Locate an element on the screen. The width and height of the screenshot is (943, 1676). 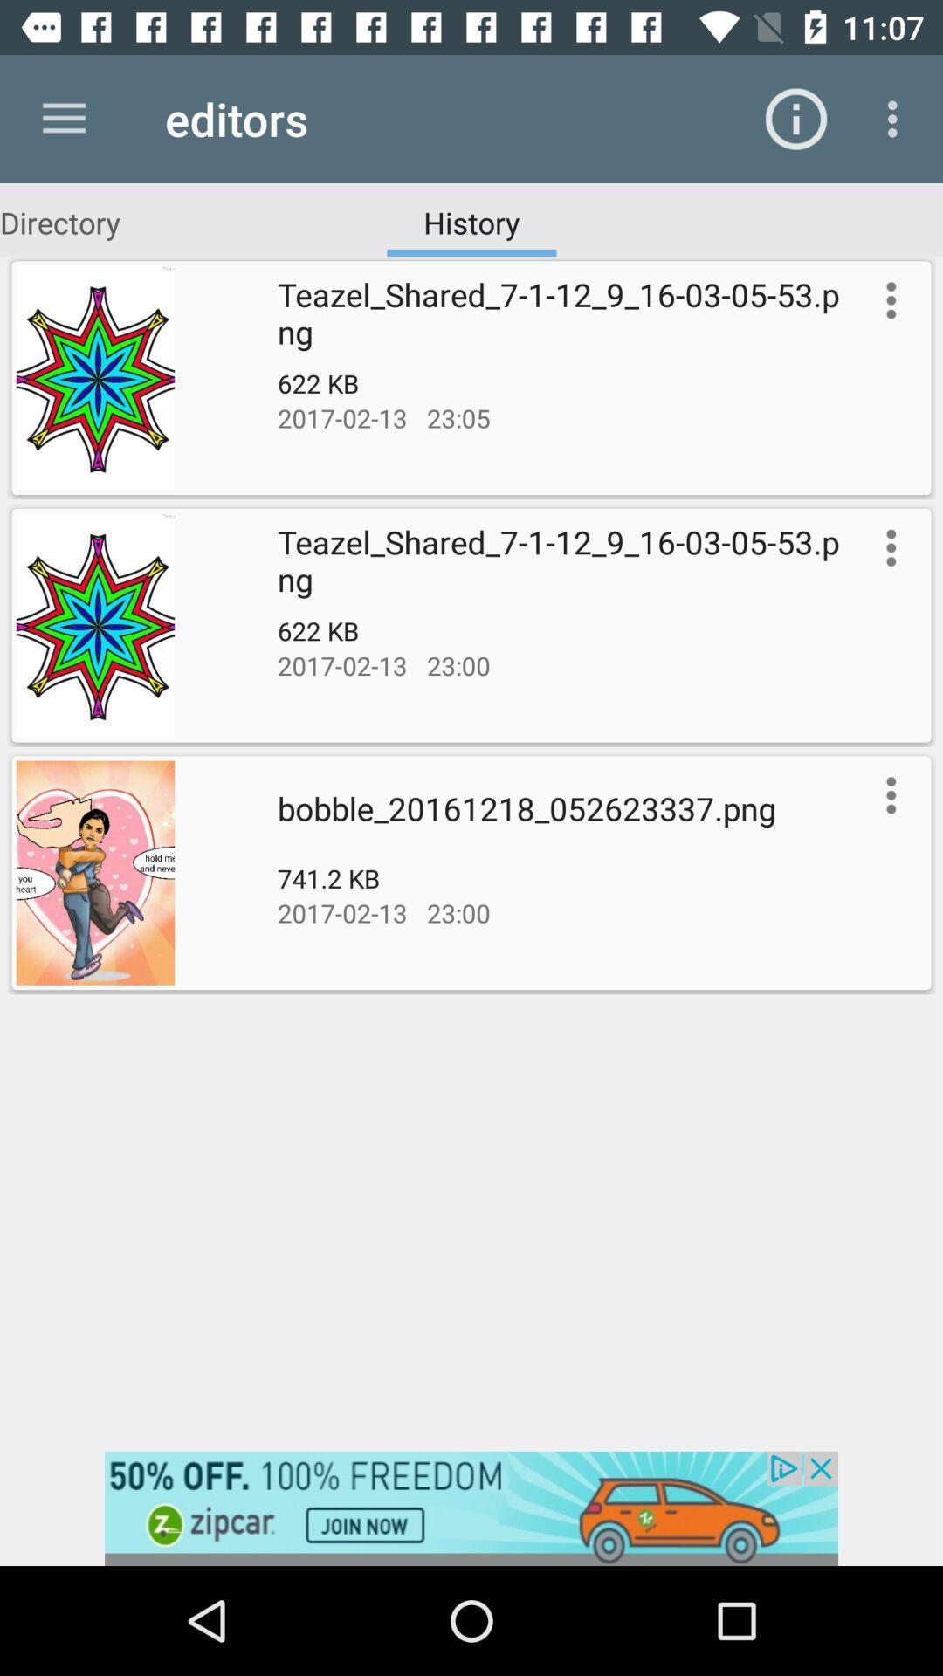
ellipse is located at coordinates (887, 794).